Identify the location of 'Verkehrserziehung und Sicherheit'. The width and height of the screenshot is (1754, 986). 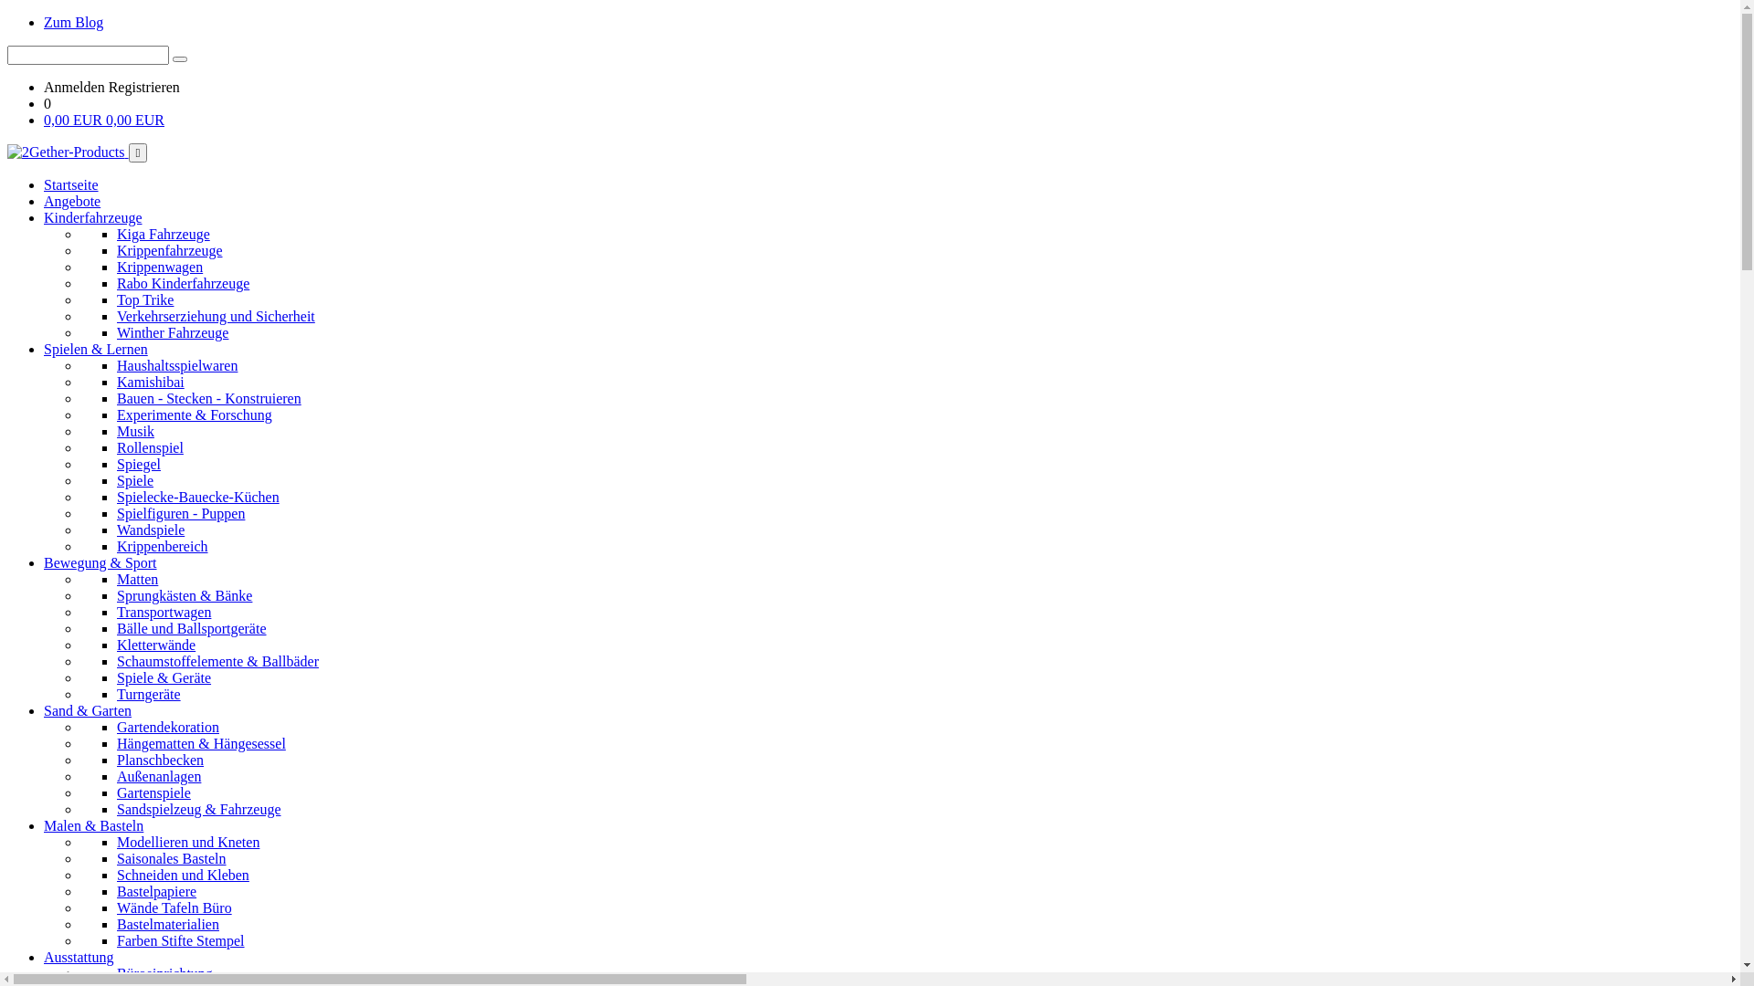
(216, 315).